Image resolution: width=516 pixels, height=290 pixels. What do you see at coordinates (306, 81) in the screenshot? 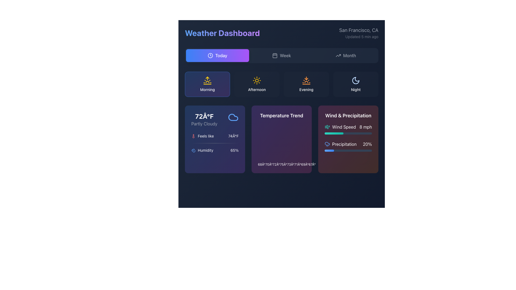
I see `the orange stylized sunset icon located in the 'Evening' section to select 'Evening'` at bounding box center [306, 81].